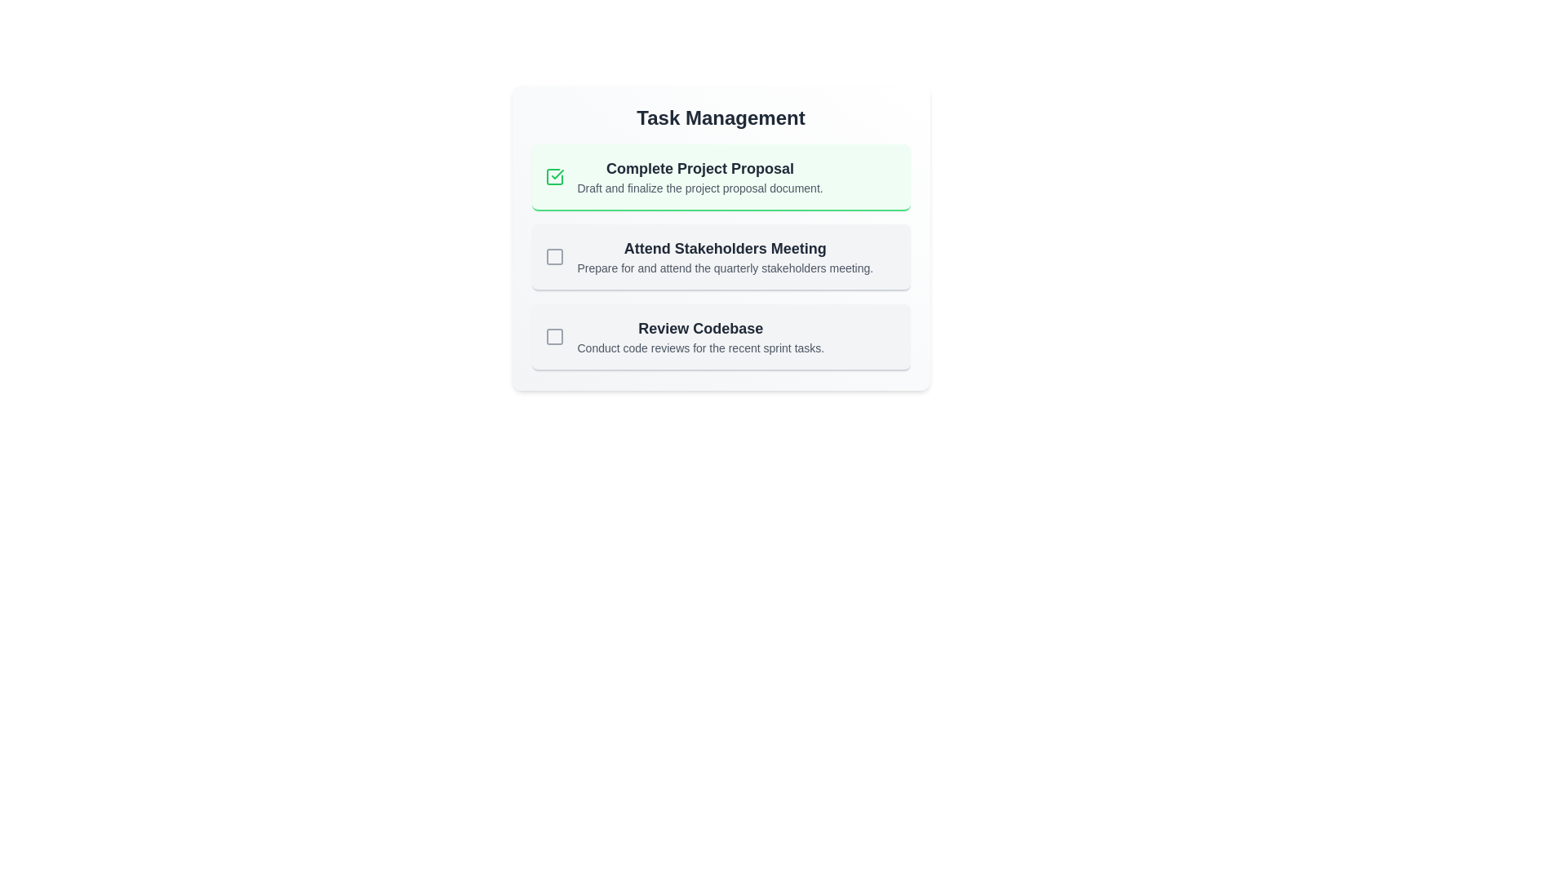 The image size is (1567, 881). What do you see at coordinates (700, 348) in the screenshot?
I see `the static text description providing details about the task 'Review Codebase', which is located beneath the header text 'Review Codebase' in the task management list` at bounding box center [700, 348].